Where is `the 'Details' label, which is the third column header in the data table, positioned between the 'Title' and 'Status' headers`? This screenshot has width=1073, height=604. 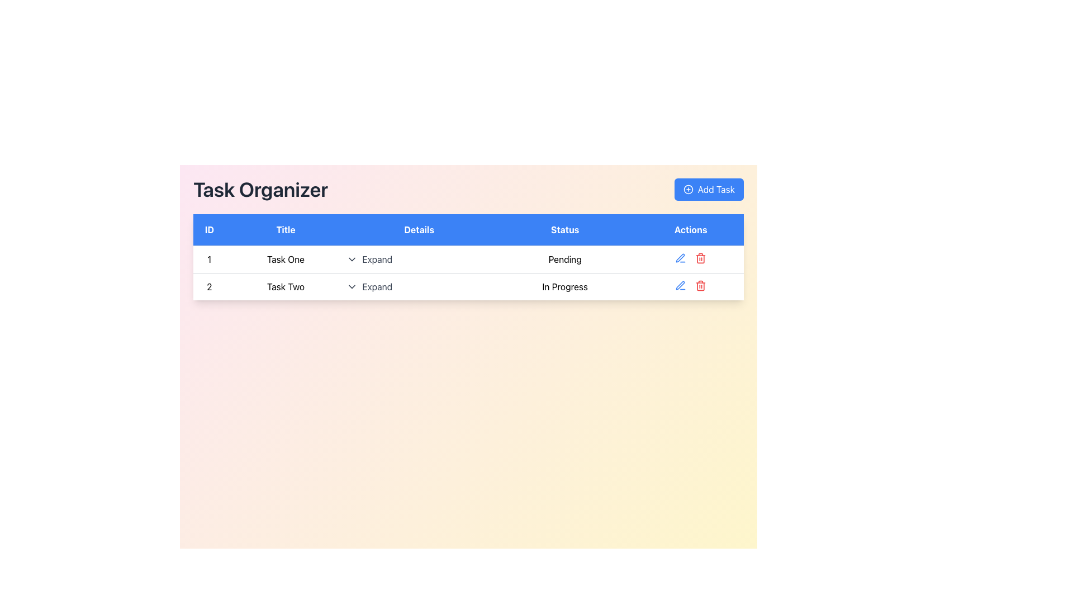 the 'Details' label, which is the third column header in the data table, positioned between the 'Title' and 'Status' headers is located at coordinates (419, 229).